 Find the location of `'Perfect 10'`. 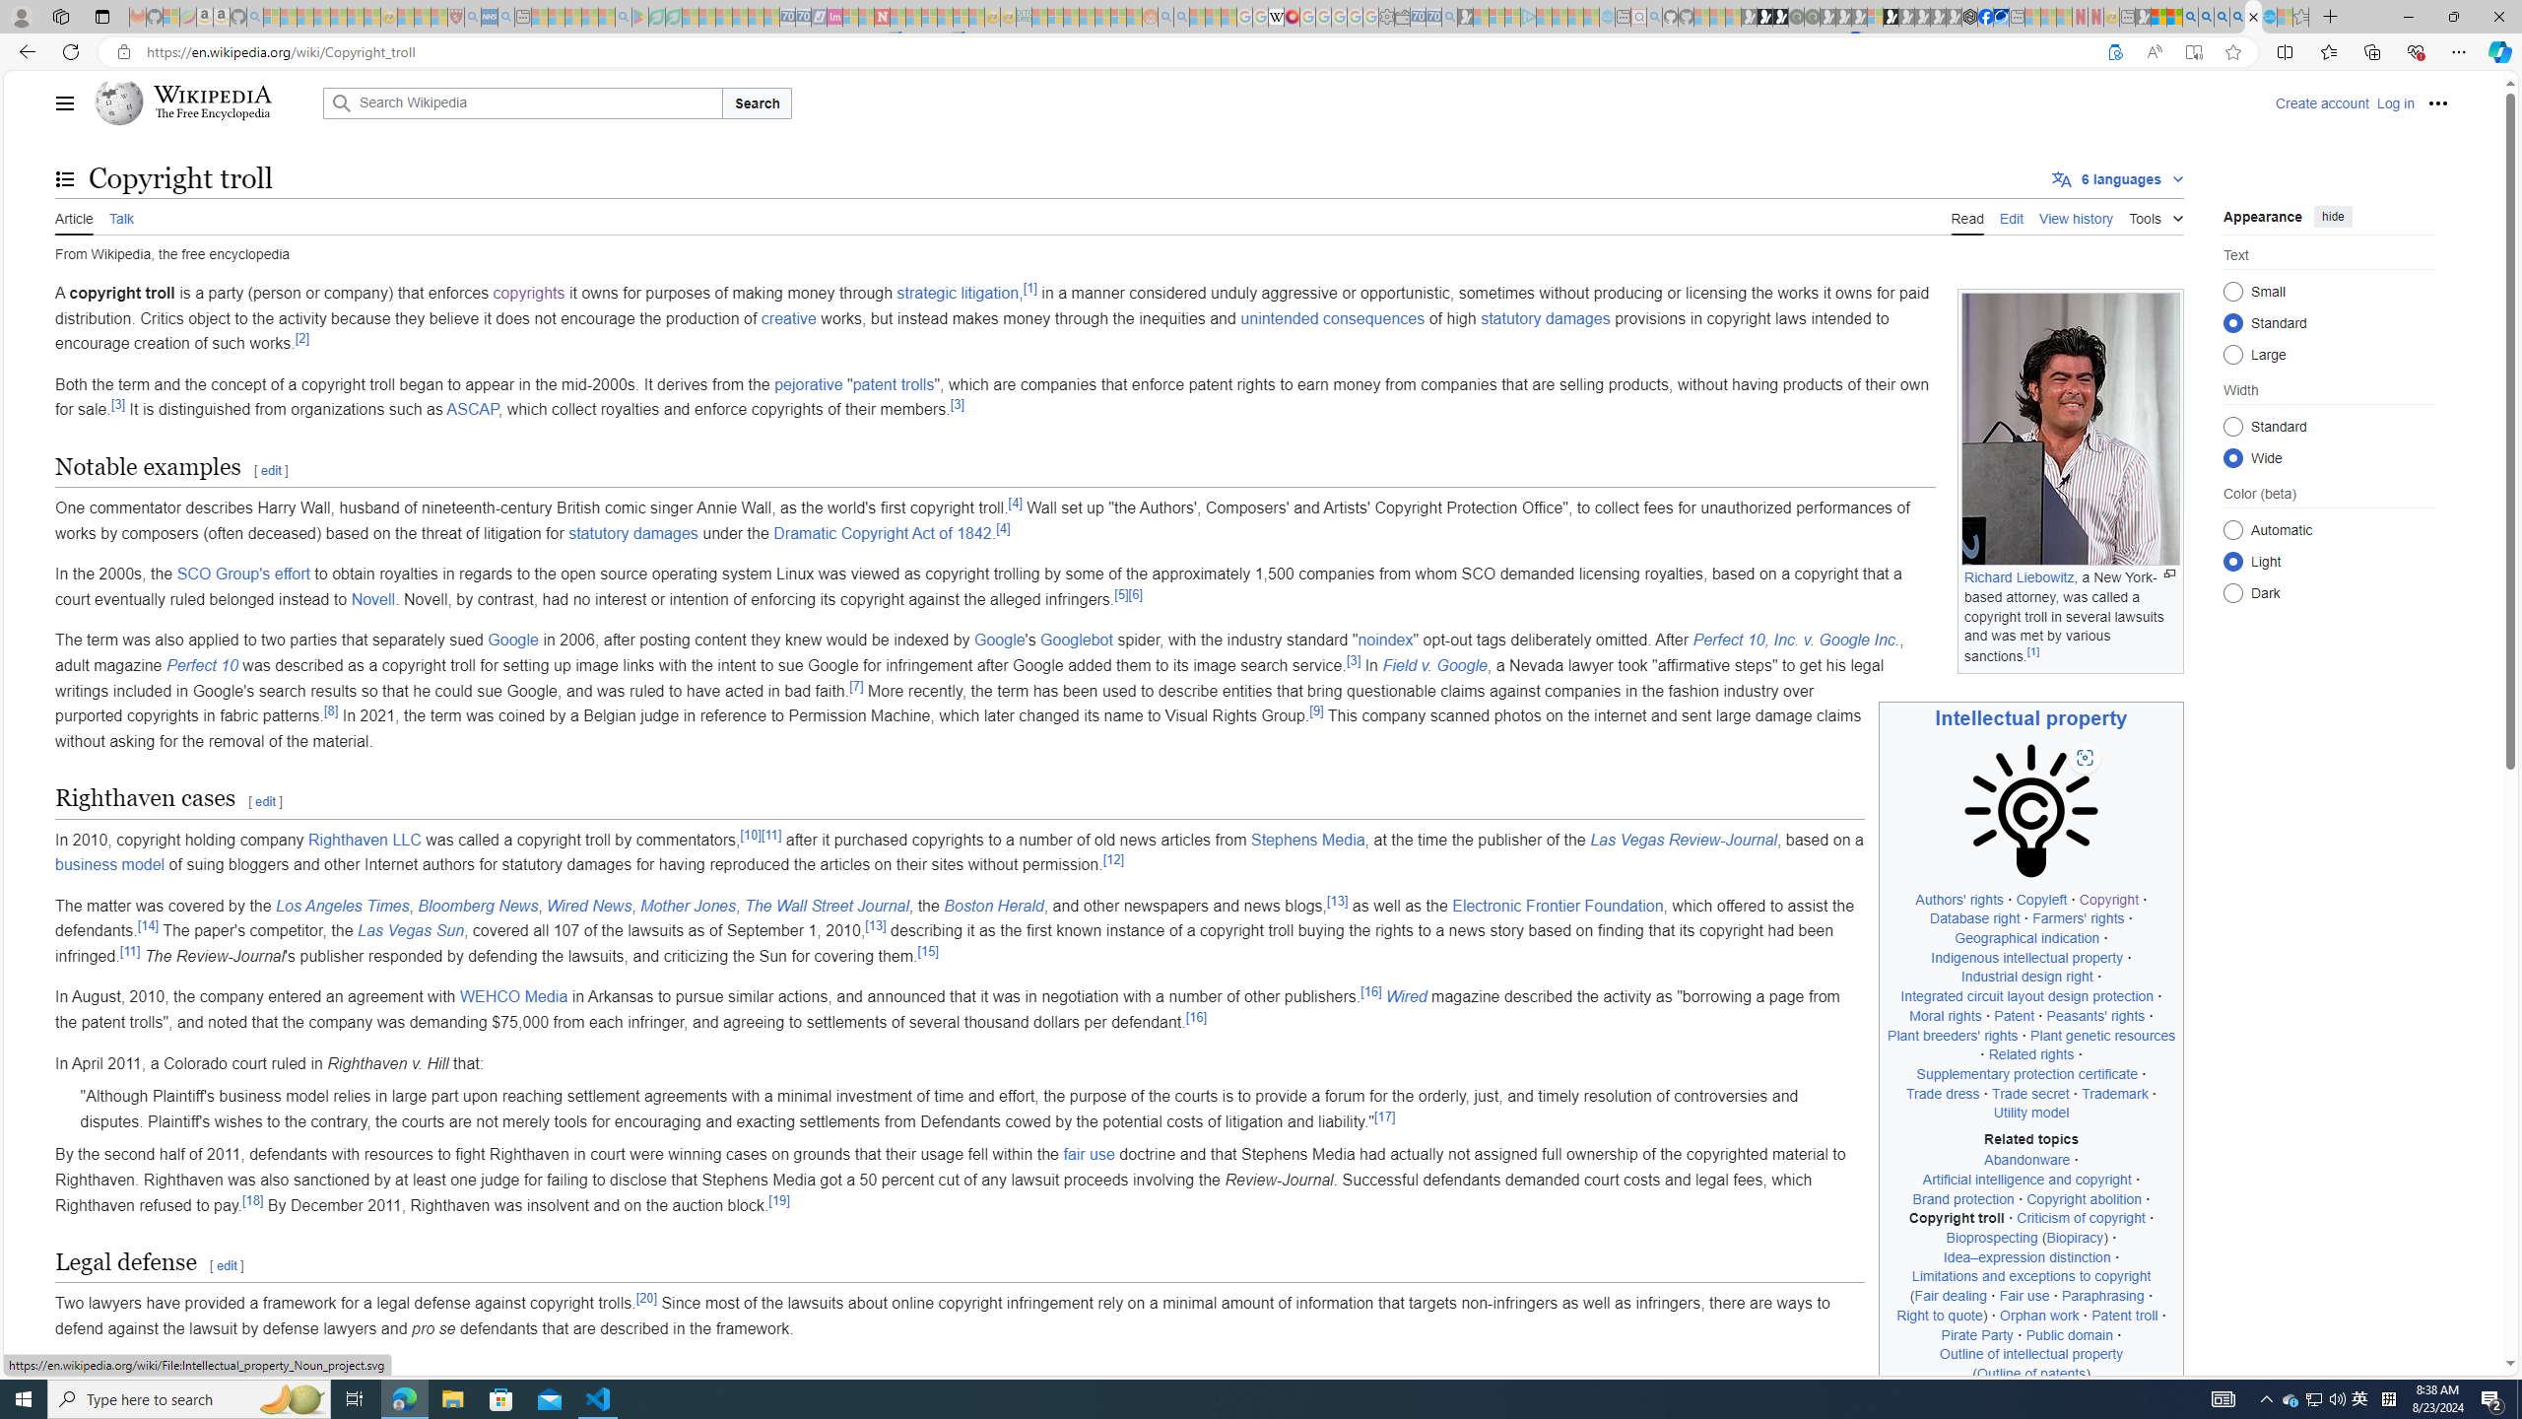

'Perfect 10' is located at coordinates (202, 665).